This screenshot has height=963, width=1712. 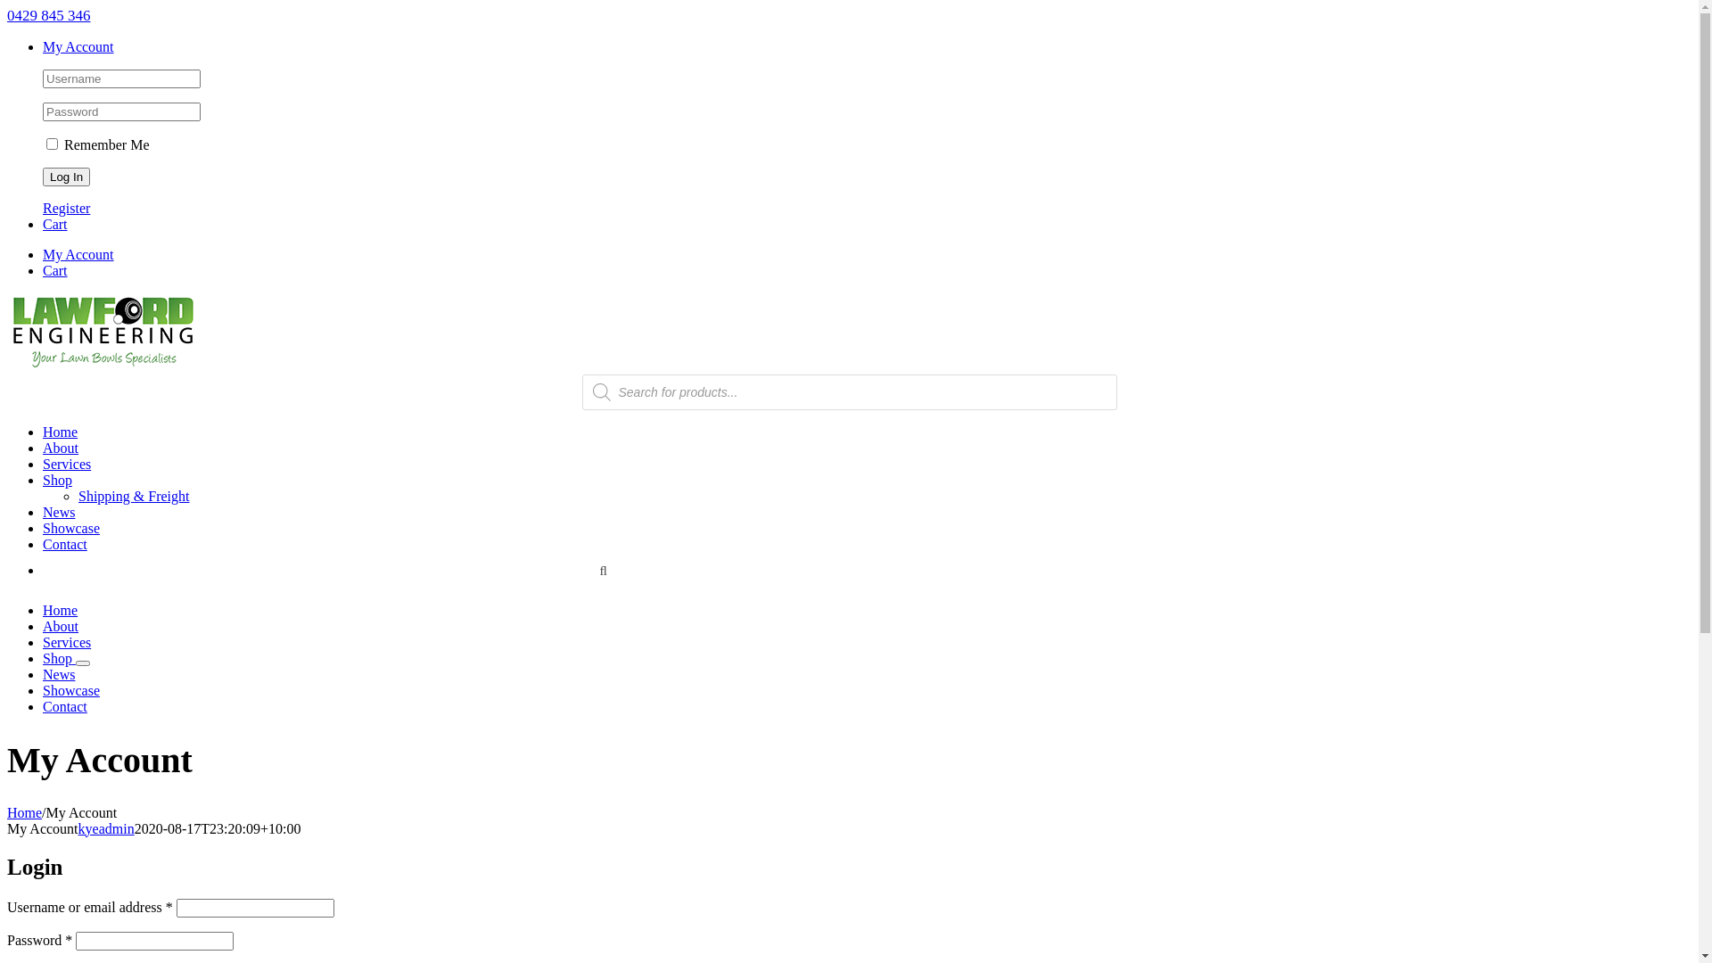 I want to click on 'About', so click(x=60, y=625).